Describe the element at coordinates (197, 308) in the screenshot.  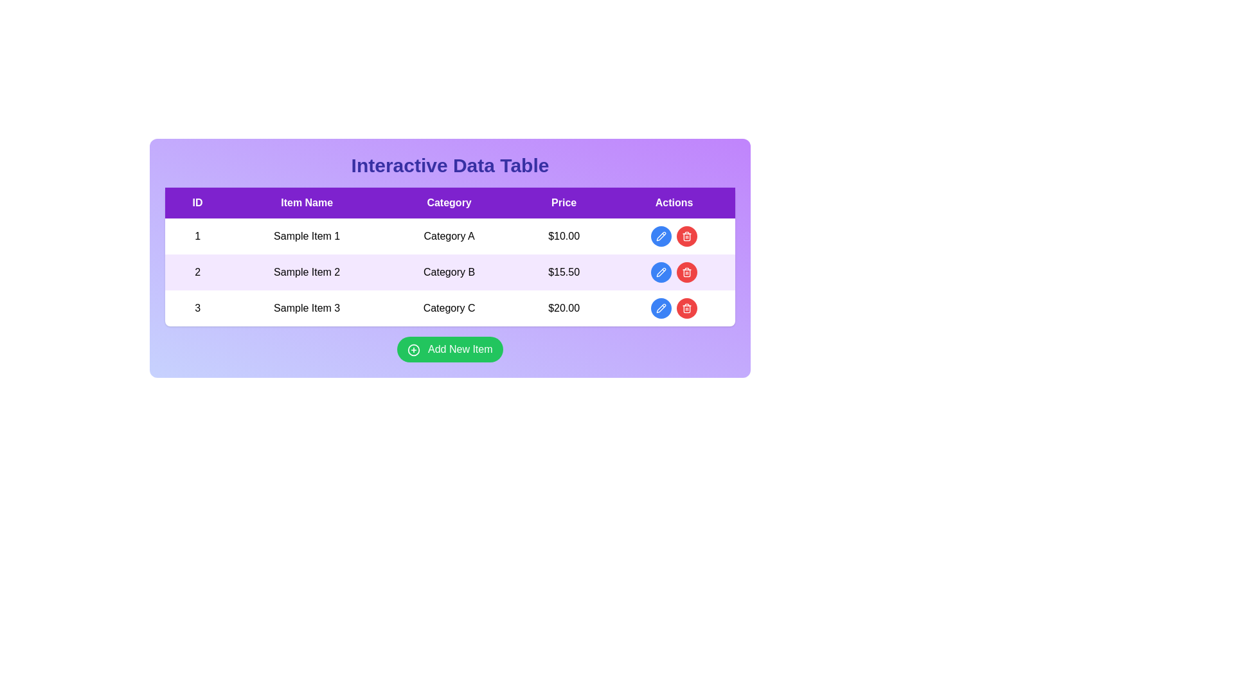
I see `the numeric character '3' in the table` at that location.